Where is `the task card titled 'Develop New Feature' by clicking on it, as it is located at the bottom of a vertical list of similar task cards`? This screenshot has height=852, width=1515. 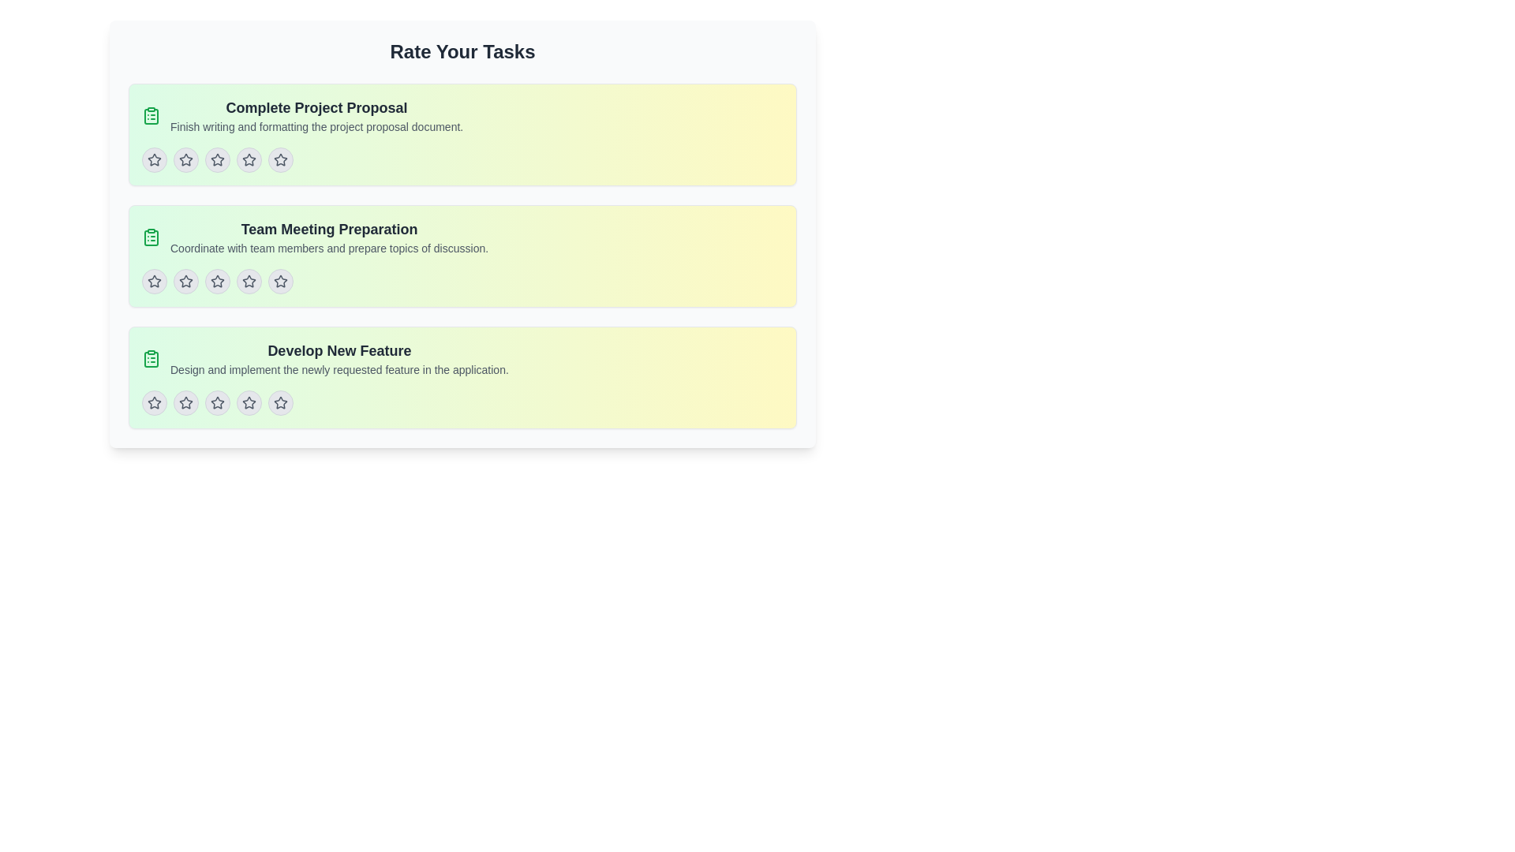 the task card titled 'Develop New Feature' by clicking on it, as it is located at the bottom of a vertical list of similar task cards is located at coordinates (462, 377).